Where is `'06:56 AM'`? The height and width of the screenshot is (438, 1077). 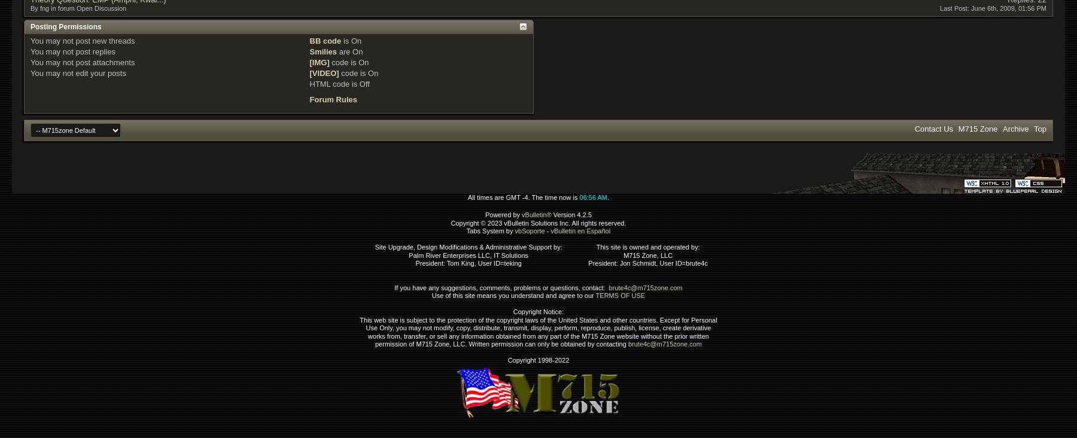 '06:56 AM' is located at coordinates (579, 197).